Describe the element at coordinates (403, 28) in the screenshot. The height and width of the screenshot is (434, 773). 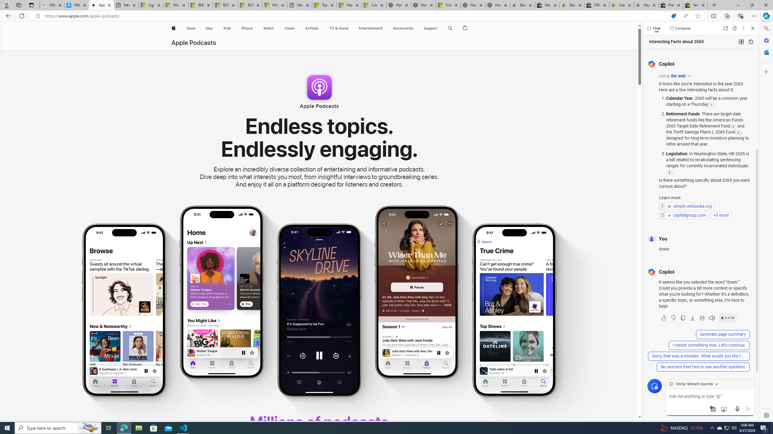
I see `'Accessories'` at that location.